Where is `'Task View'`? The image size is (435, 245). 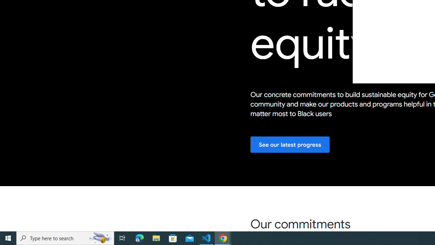 'Task View' is located at coordinates (122, 238).